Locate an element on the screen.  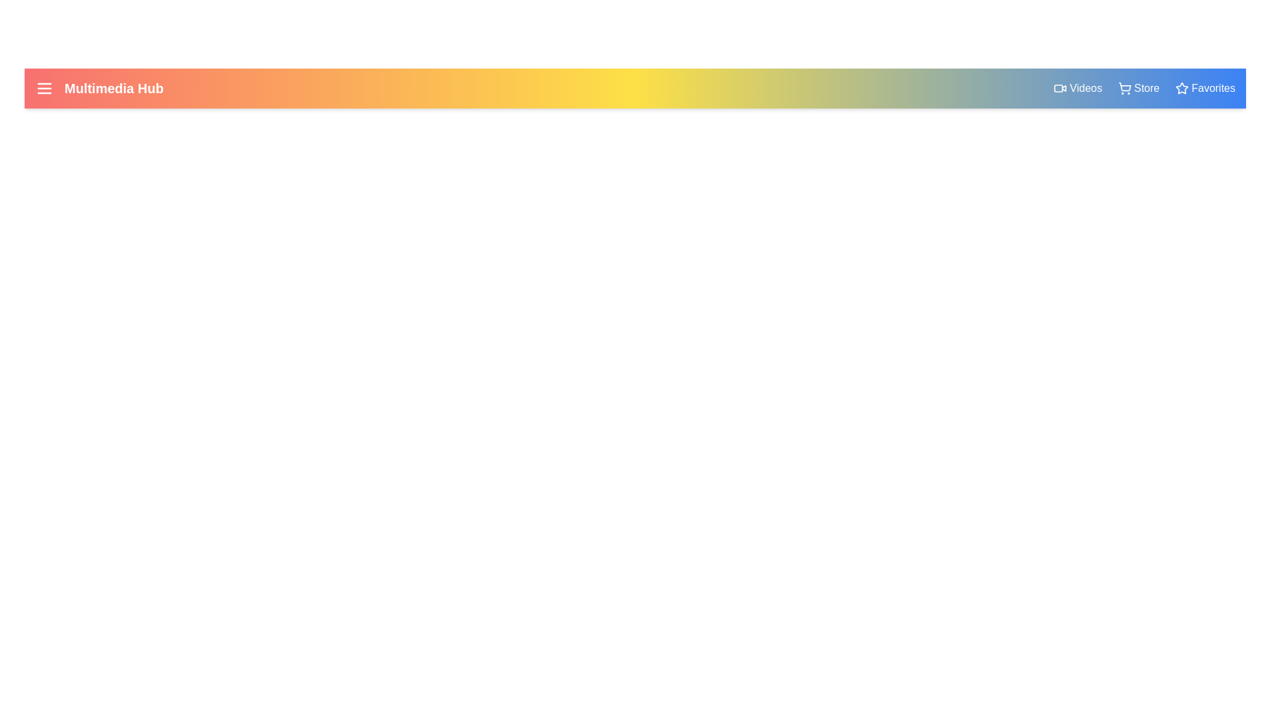
the 'Favorites' link to navigate to the Favorites section is located at coordinates (1205, 88).